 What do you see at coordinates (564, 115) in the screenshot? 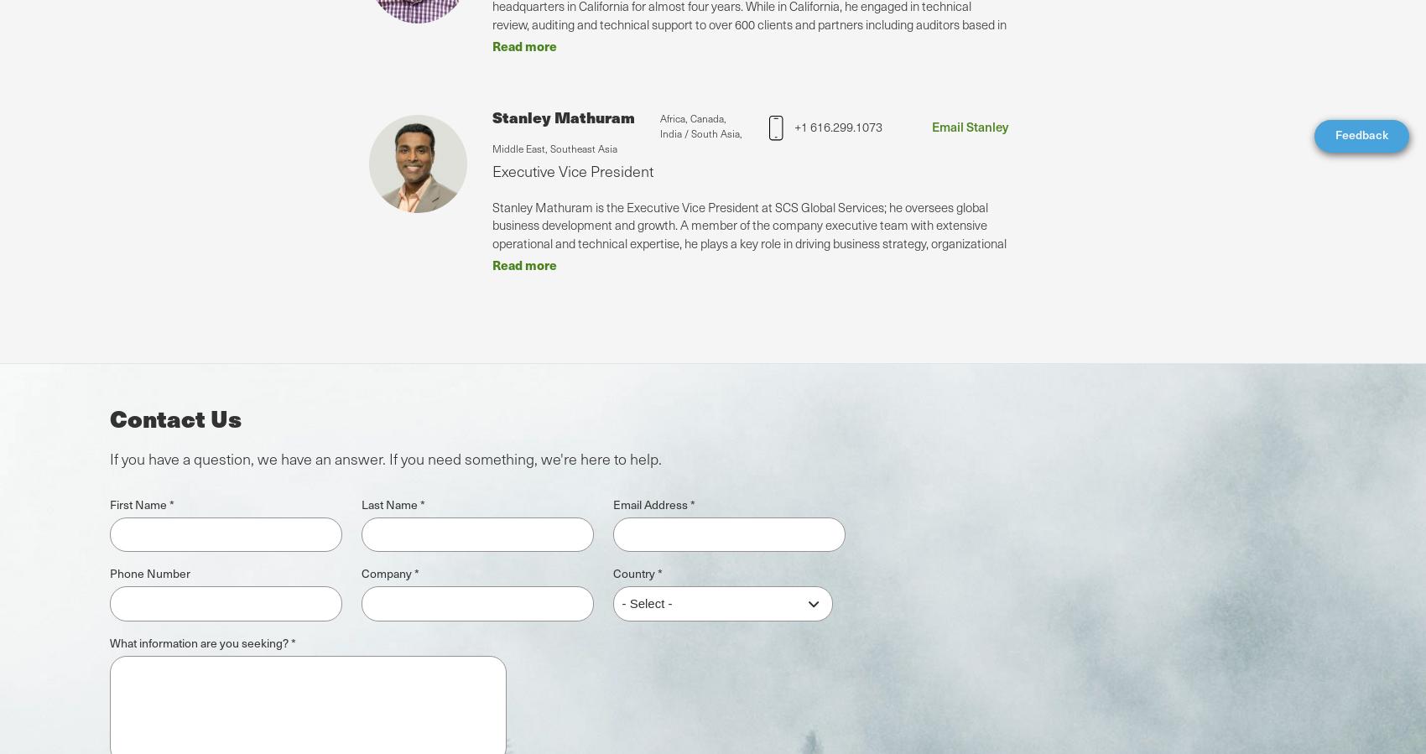
I see `'Stanley Mathuram'` at bounding box center [564, 115].